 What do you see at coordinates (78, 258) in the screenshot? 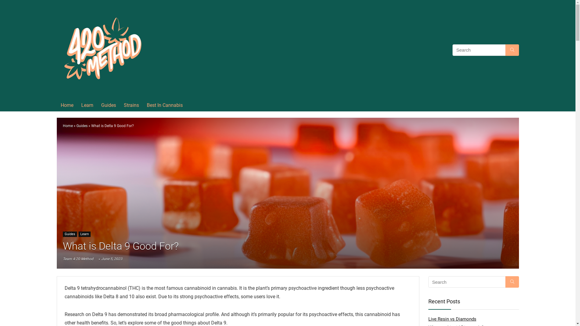
I see `'Team 4:20 Method'` at bounding box center [78, 258].